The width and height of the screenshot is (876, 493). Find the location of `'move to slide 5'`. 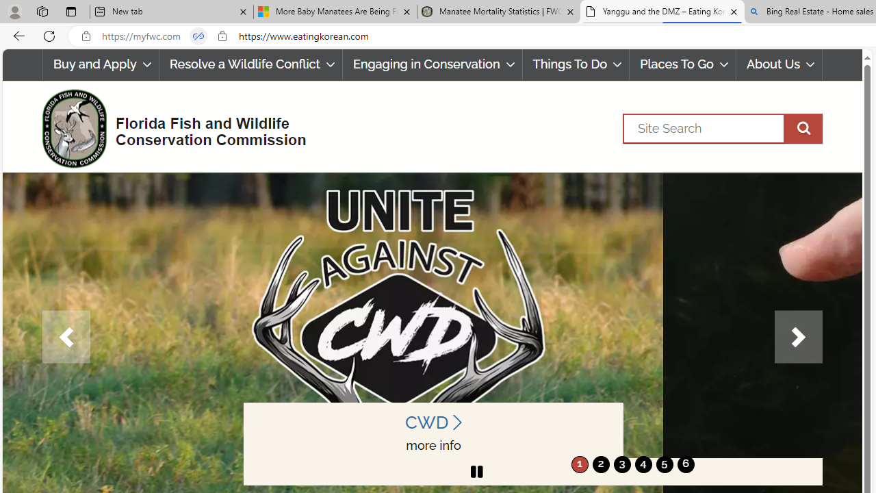

'move to slide 5' is located at coordinates (664, 464).